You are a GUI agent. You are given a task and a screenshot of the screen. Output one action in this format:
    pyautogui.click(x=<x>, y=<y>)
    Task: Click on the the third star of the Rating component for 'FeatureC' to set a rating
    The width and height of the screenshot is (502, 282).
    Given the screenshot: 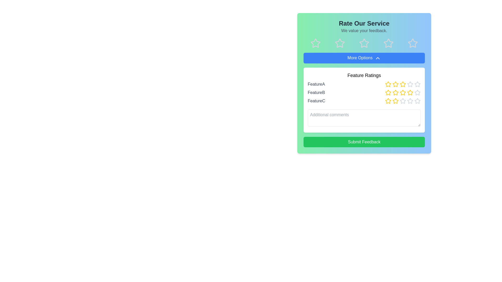 What is the action you would take?
    pyautogui.click(x=402, y=101)
    